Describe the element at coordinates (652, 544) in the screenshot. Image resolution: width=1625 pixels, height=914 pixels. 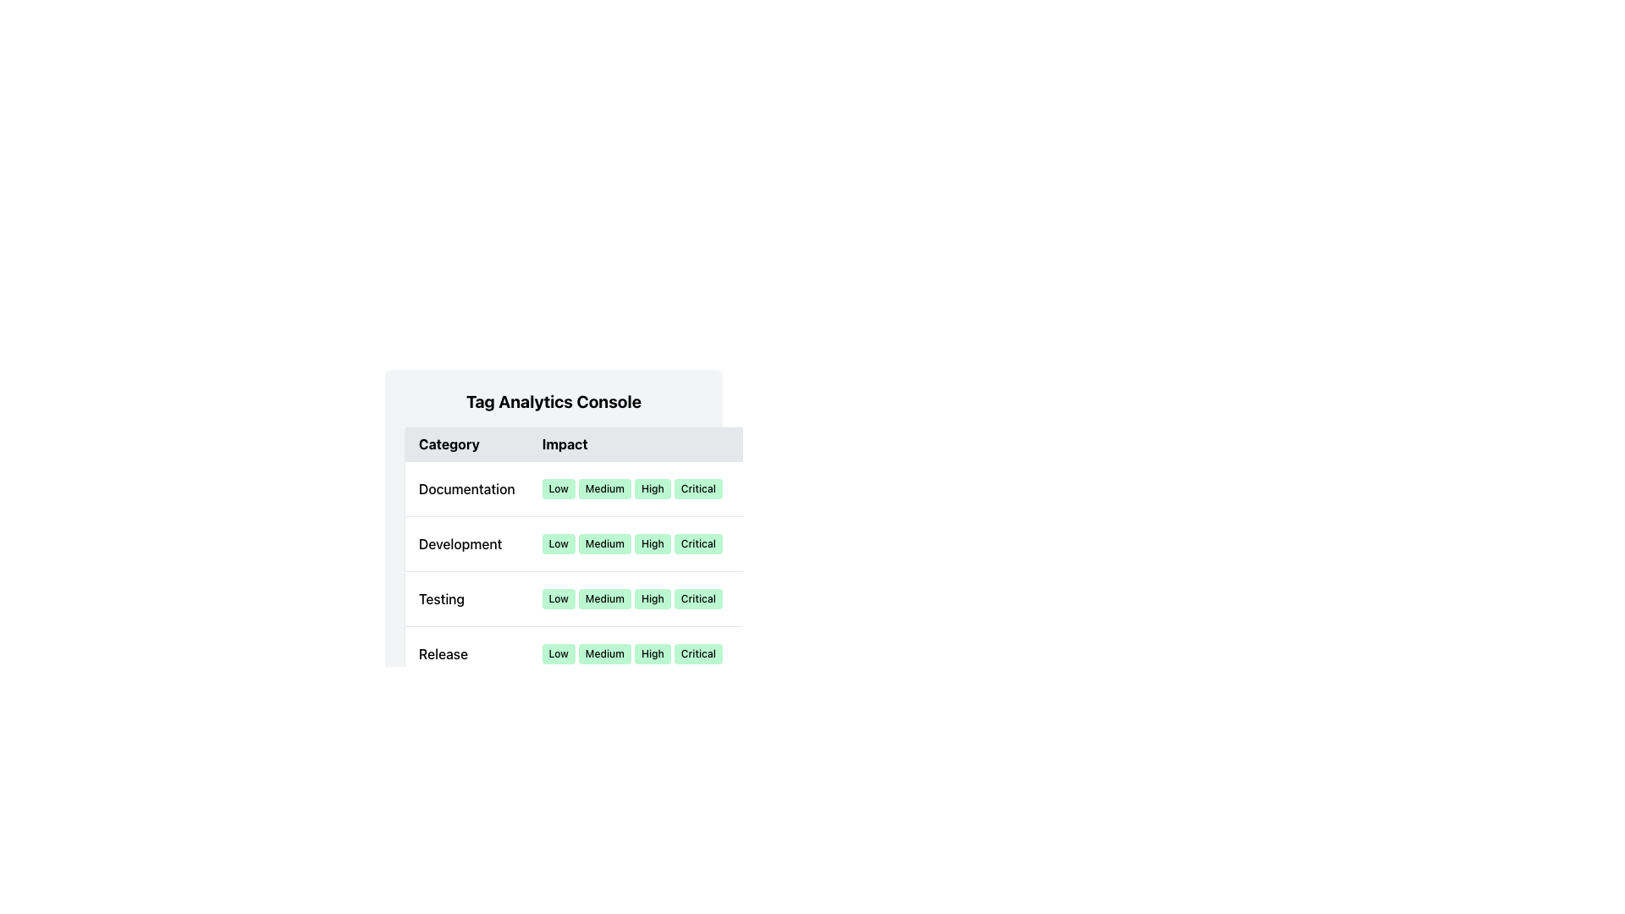
I see `the 'High' label, which is a light green rectangular button with rounded corners located in the 'Impact' column of the 'Development' row in the Tag Analytics Console interface` at that location.